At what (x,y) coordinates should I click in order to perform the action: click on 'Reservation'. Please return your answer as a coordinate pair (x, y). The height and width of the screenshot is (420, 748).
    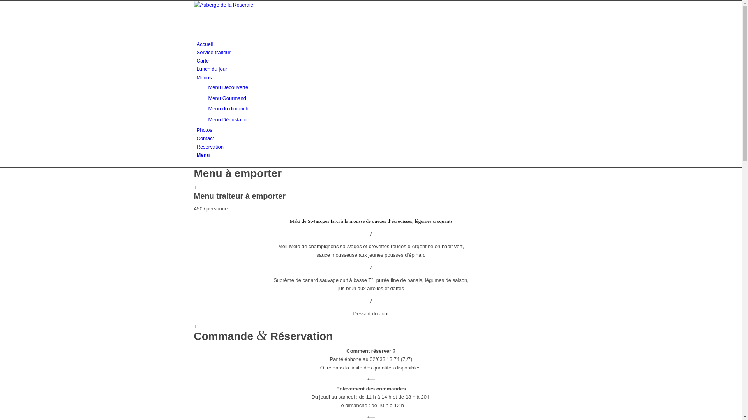
    Looking at the image, I should click on (210, 147).